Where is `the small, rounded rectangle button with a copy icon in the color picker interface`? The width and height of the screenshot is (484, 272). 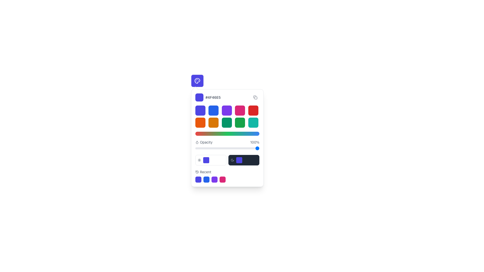 the small, rounded rectangle button with a copy icon in the color picker interface is located at coordinates (255, 97).